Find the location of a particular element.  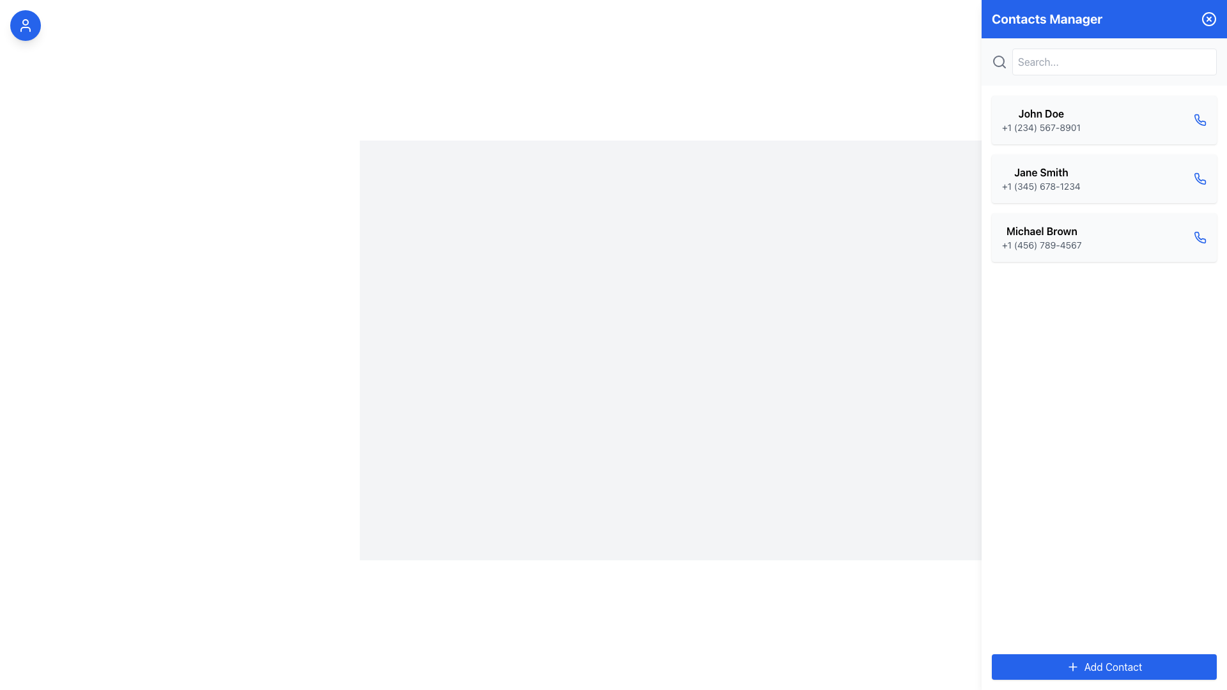

the bold label text element displaying 'Jane Smith' at the center of the contact card, which is the second entry in the list of contacts is located at coordinates (1041, 172).